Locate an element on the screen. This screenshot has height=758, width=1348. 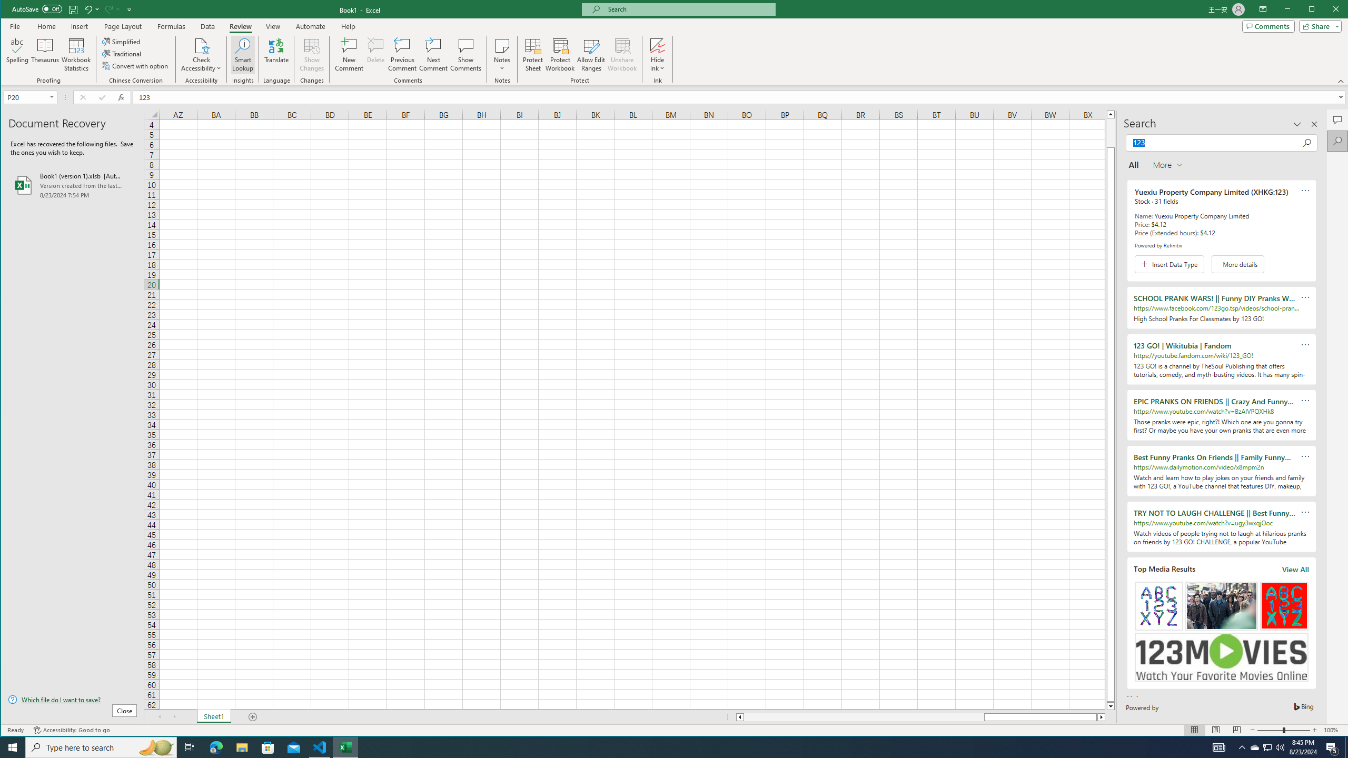
'Workbook Statistics' is located at coordinates (75, 54).